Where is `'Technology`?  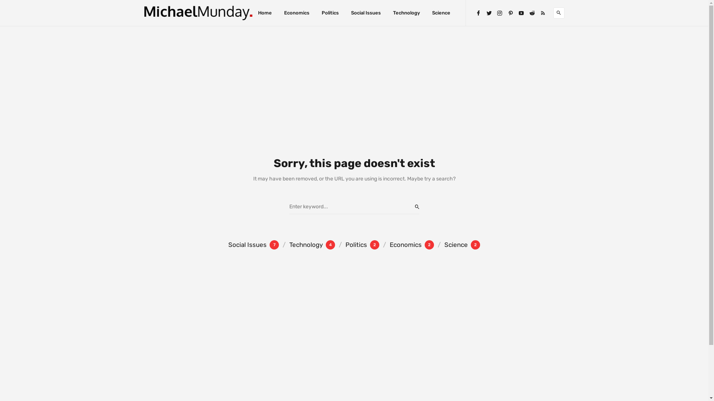 'Technology is located at coordinates (278, 244).